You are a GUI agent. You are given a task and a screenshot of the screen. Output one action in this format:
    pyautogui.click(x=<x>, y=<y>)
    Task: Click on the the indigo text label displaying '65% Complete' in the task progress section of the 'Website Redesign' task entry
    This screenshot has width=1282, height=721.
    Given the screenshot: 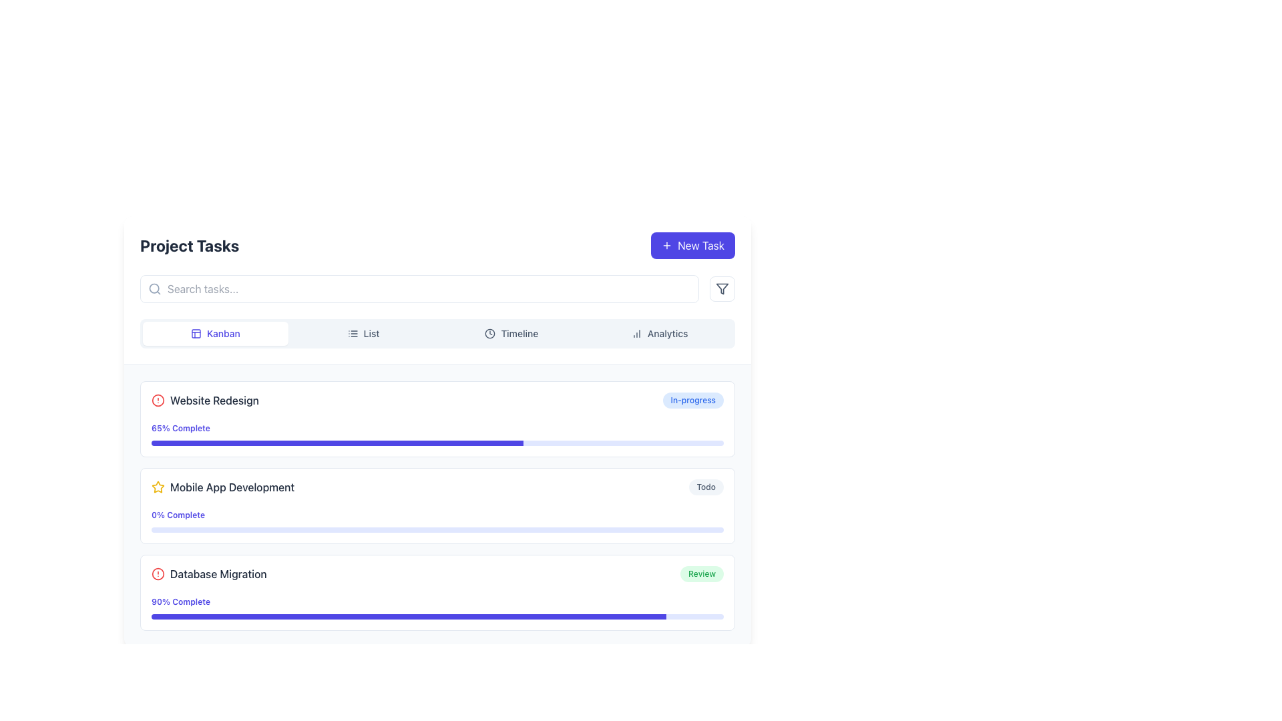 What is the action you would take?
    pyautogui.click(x=180, y=428)
    